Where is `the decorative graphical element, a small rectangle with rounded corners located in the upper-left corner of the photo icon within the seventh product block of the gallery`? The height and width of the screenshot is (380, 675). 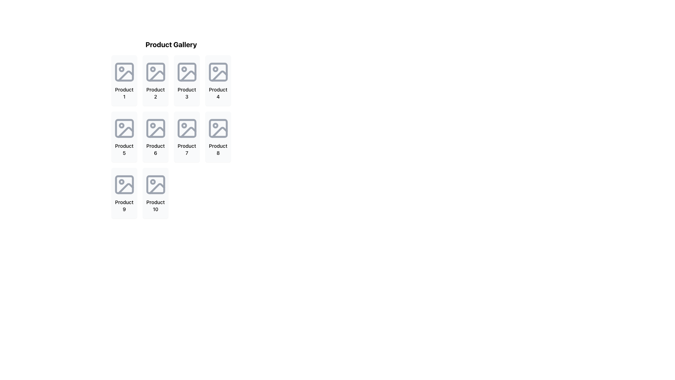 the decorative graphical element, a small rectangle with rounded corners located in the upper-left corner of the photo icon within the seventh product block of the gallery is located at coordinates (187, 128).